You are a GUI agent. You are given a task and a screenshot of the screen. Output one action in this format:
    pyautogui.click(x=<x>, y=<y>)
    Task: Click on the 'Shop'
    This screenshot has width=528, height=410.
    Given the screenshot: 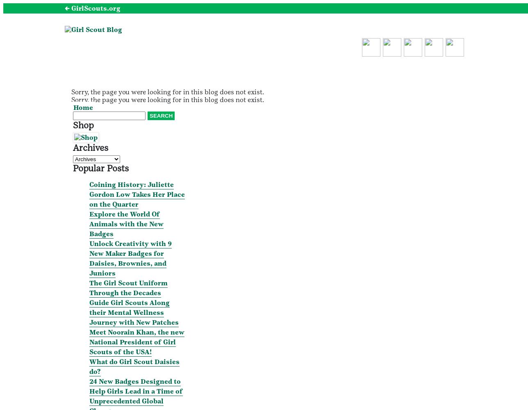 What is the action you would take?
    pyautogui.click(x=83, y=125)
    